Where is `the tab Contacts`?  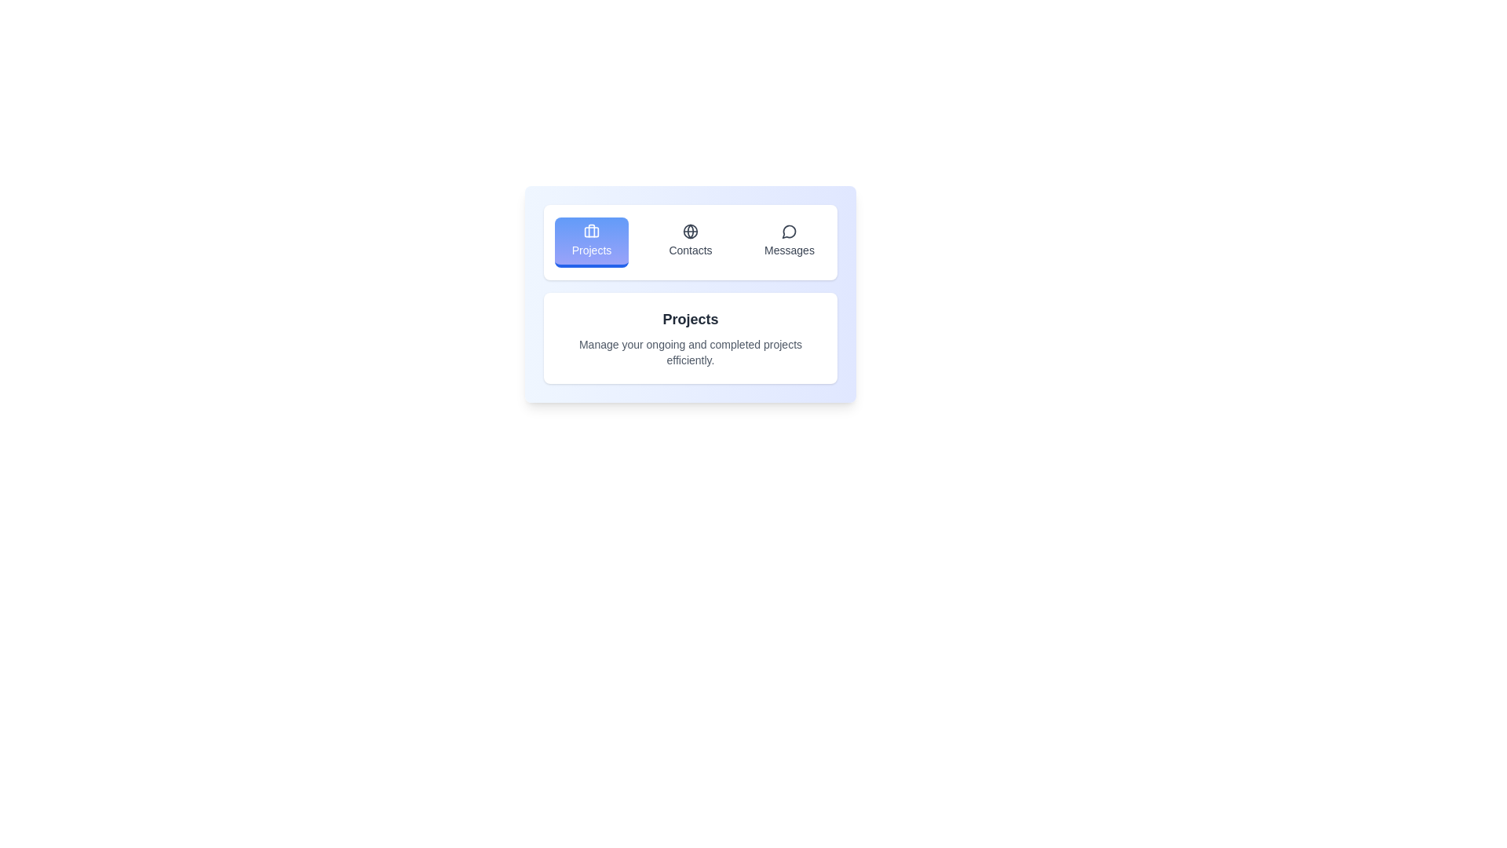
the tab Contacts is located at coordinates (690, 242).